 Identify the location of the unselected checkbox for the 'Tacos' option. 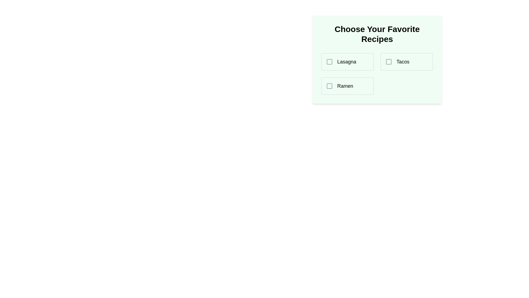
(388, 62).